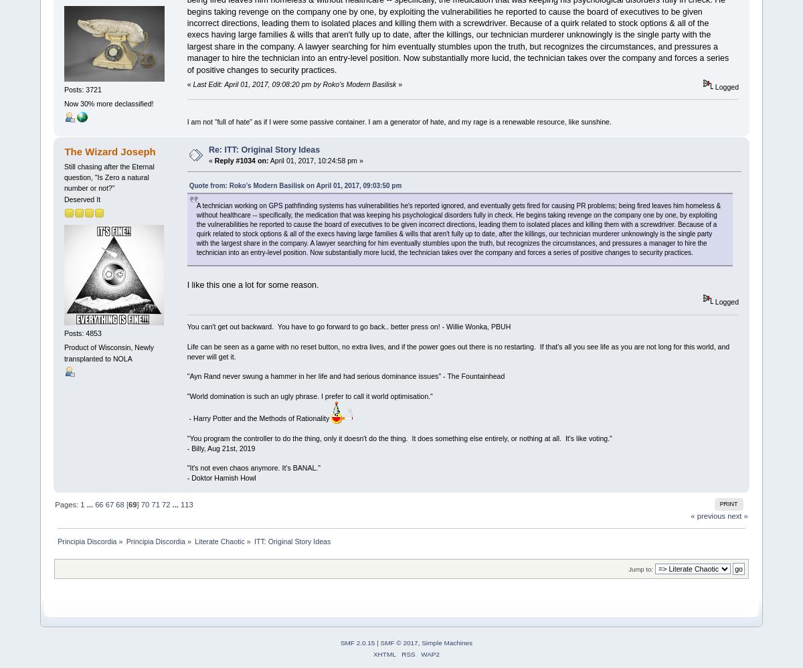 The width and height of the screenshot is (803, 668). What do you see at coordinates (315, 160) in the screenshot?
I see `'April 01, 2017, 10:24:58 pm »'` at bounding box center [315, 160].